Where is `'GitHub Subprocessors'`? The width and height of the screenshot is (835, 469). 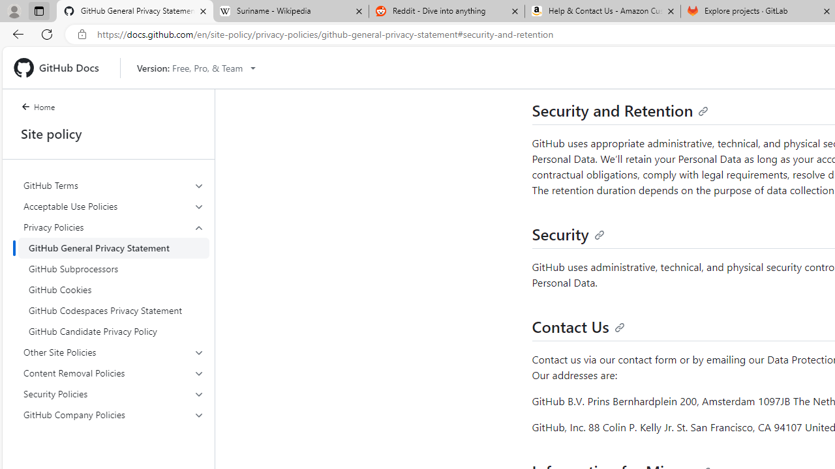 'GitHub Subprocessors' is located at coordinates (114, 268).